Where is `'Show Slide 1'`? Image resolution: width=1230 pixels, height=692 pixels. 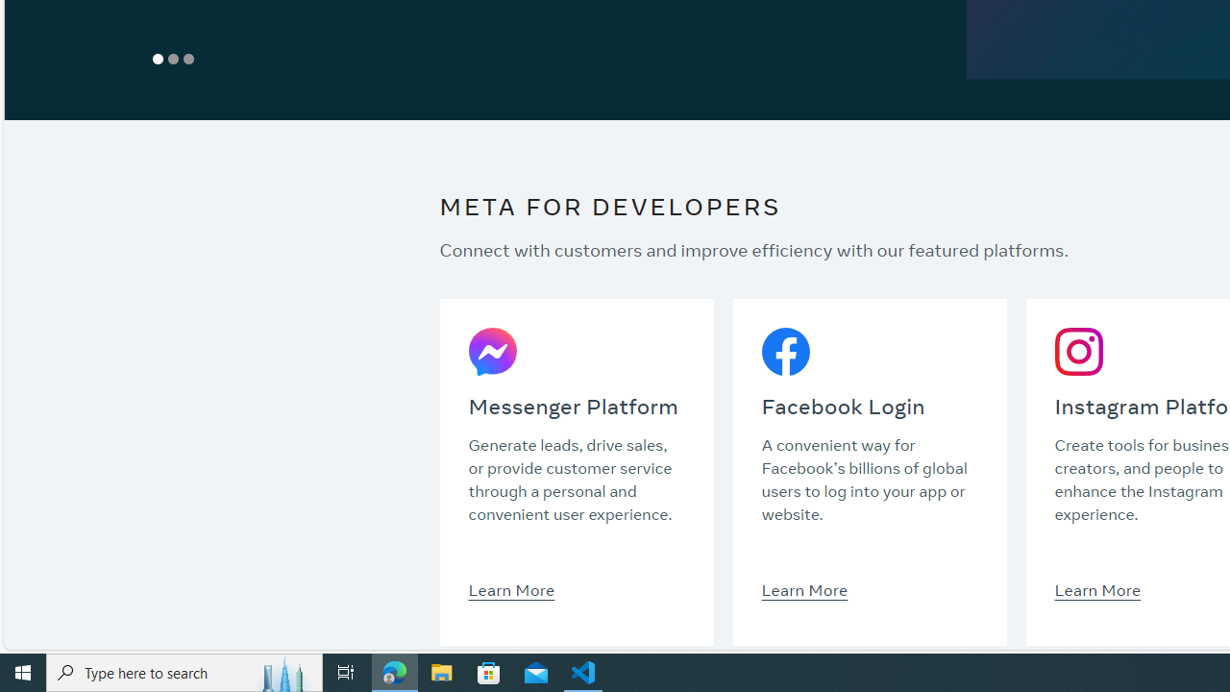
'Show Slide 1' is located at coordinates (159, 58).